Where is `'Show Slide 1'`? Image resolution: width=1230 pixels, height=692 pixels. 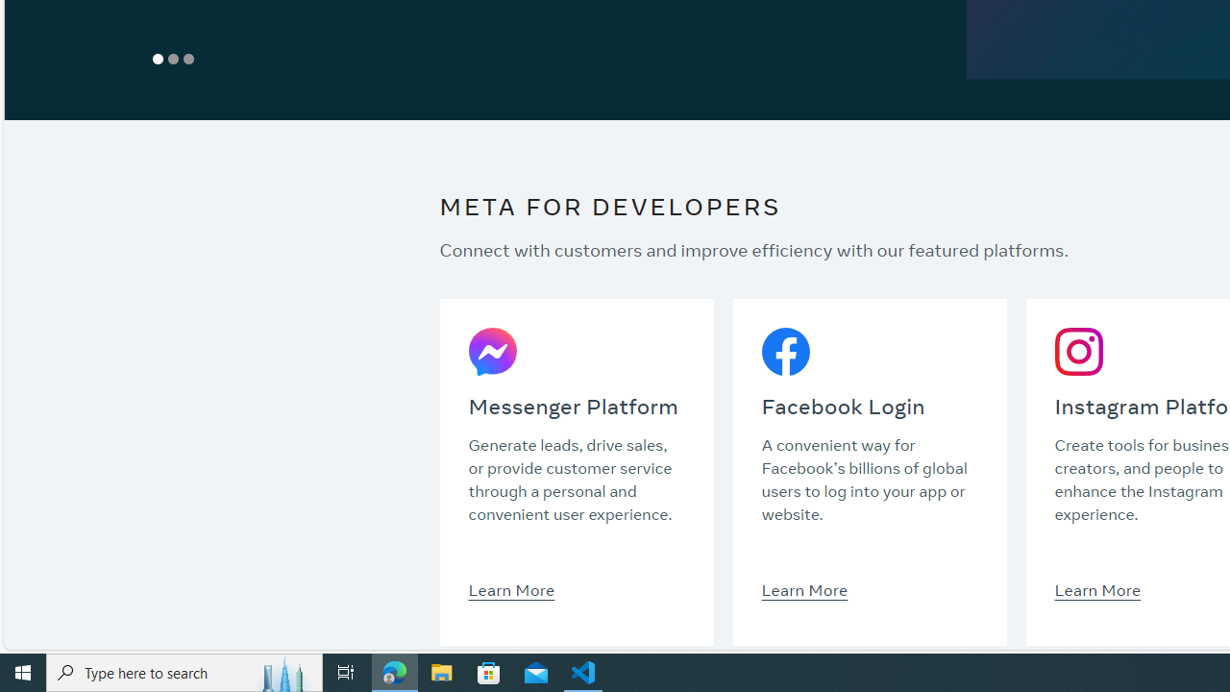
'Show Slide 1' is located at coordinates (159, 58).